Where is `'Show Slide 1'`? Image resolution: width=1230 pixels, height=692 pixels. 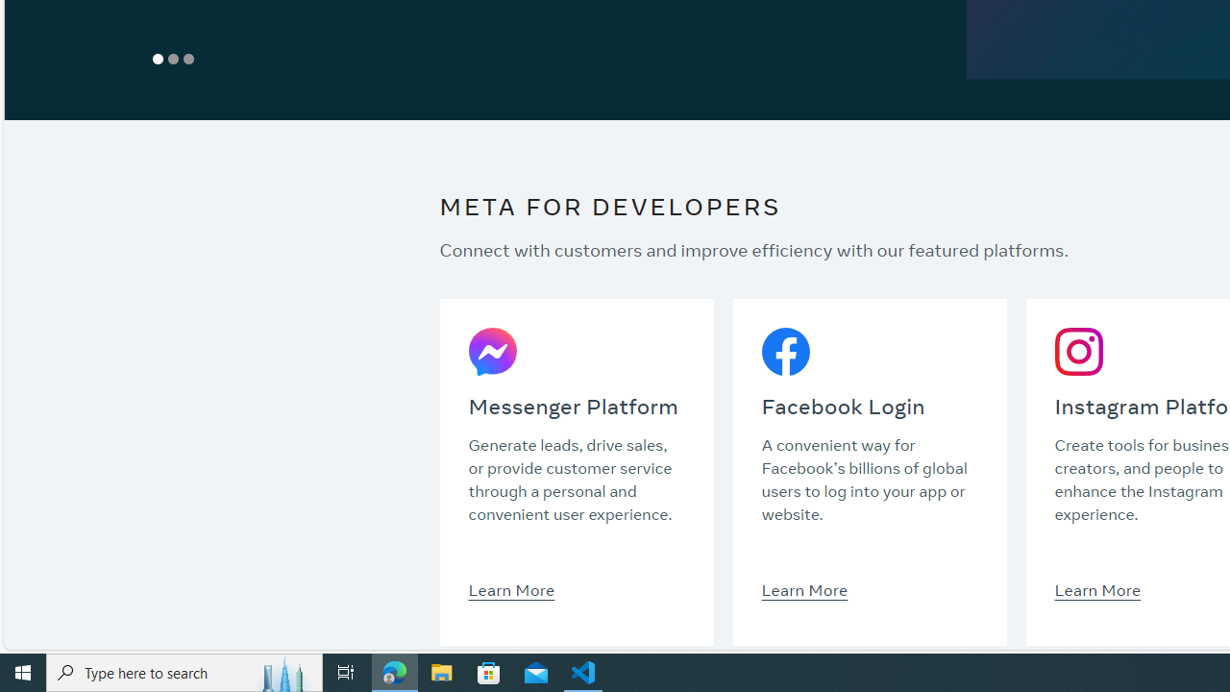
'Show Slide 1' is located at coordinates (159, 58).